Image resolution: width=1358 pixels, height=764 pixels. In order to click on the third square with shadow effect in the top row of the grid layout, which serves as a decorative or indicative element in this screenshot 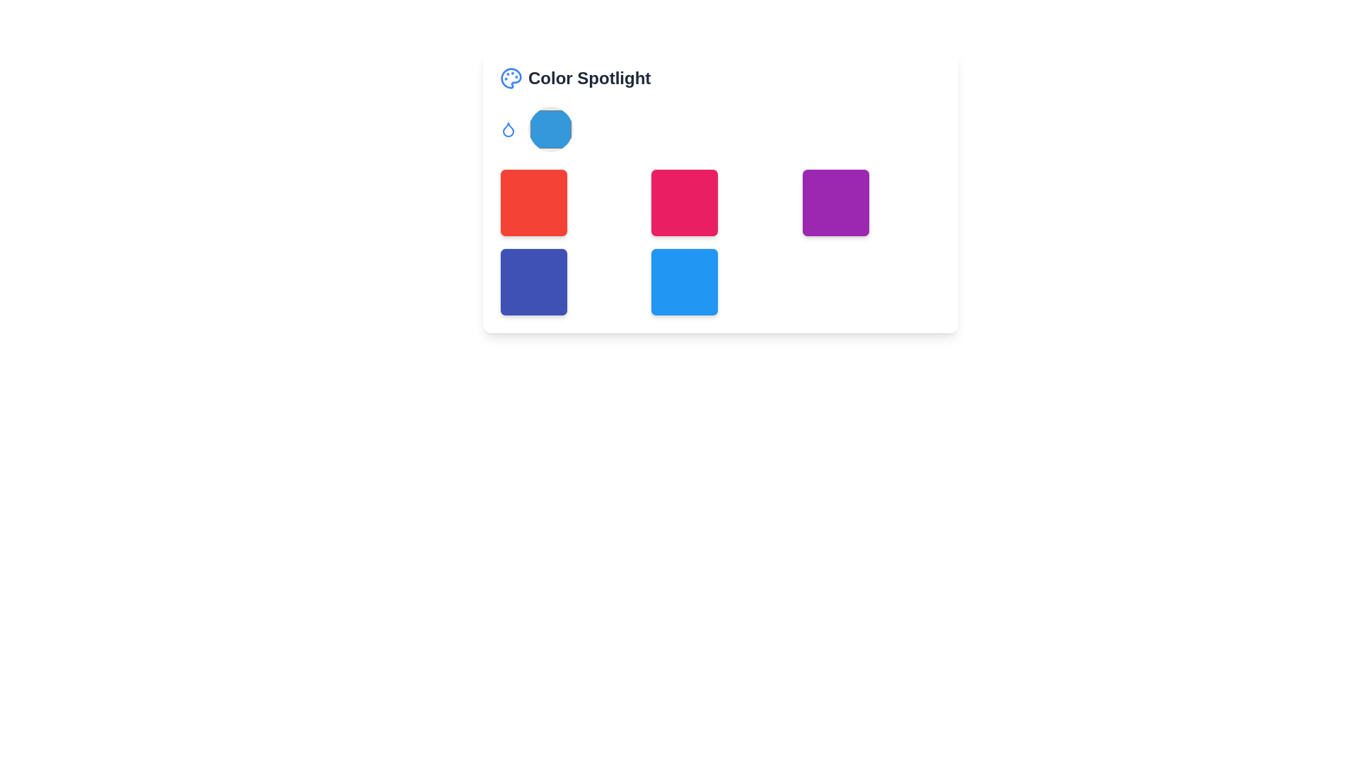, I will do `click(835, 202)`.